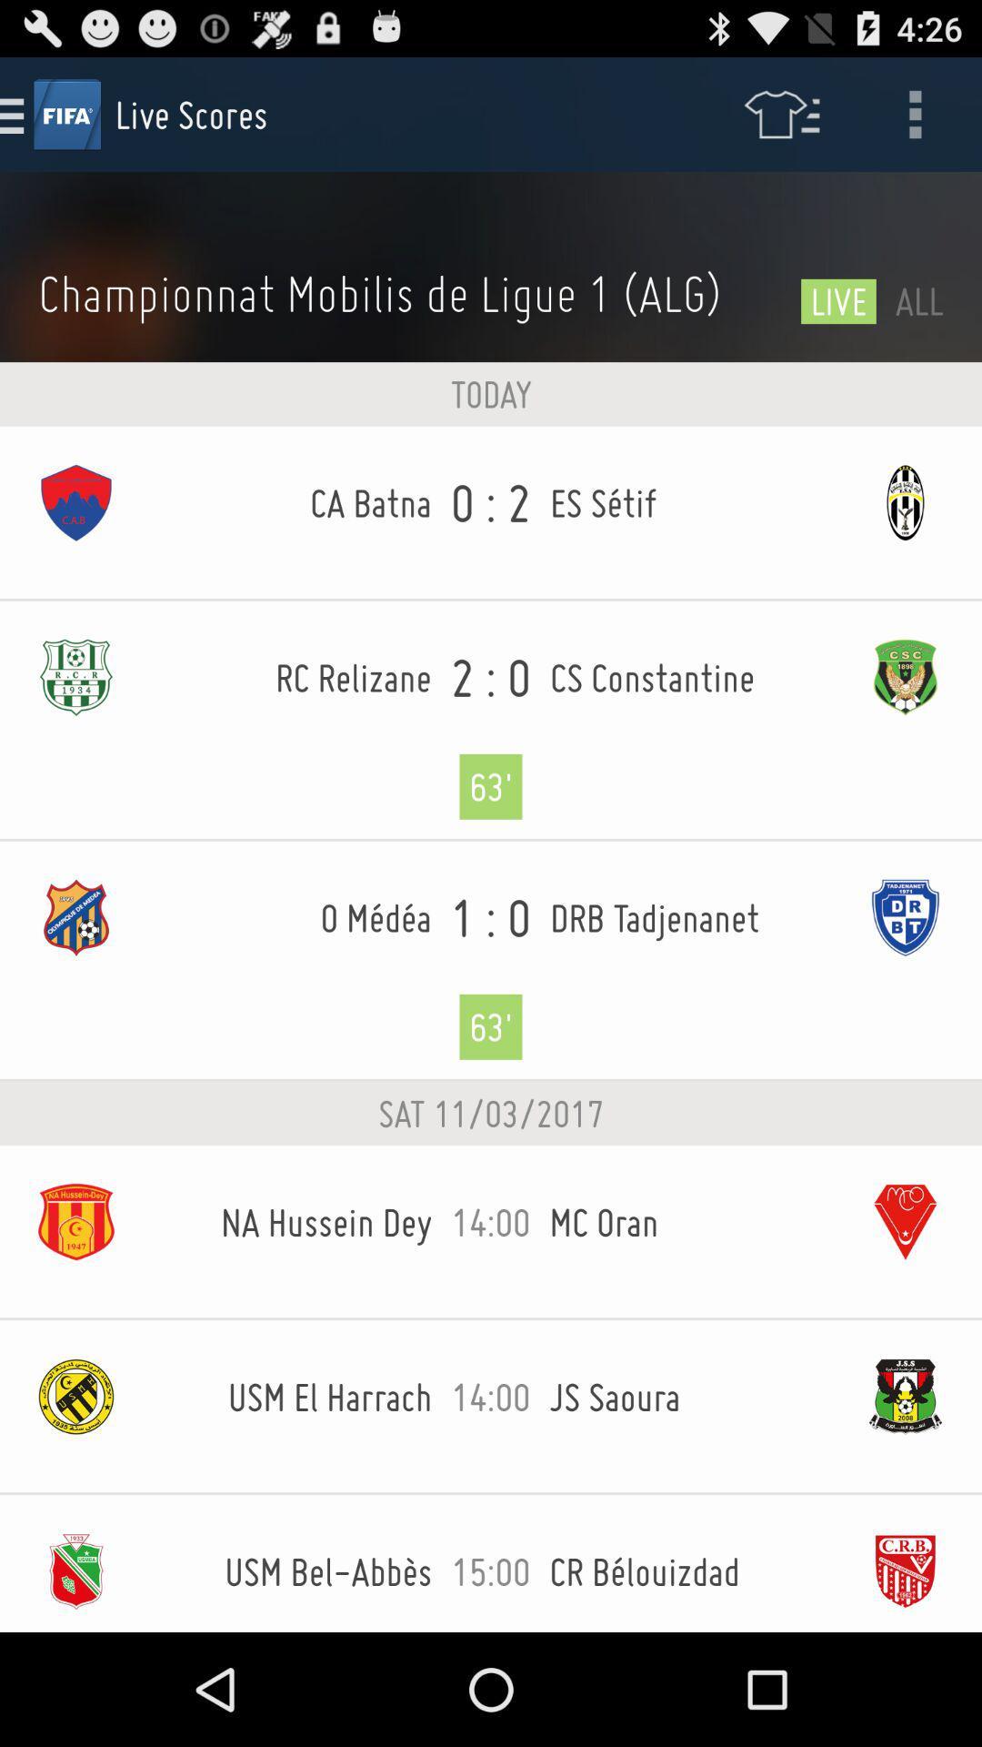 This screenshot has width=982, height=1747. What do you see at coordinates (291, 1222) in the screenshot?
I see `na hussein dey` at bounding box center [291, 1222].